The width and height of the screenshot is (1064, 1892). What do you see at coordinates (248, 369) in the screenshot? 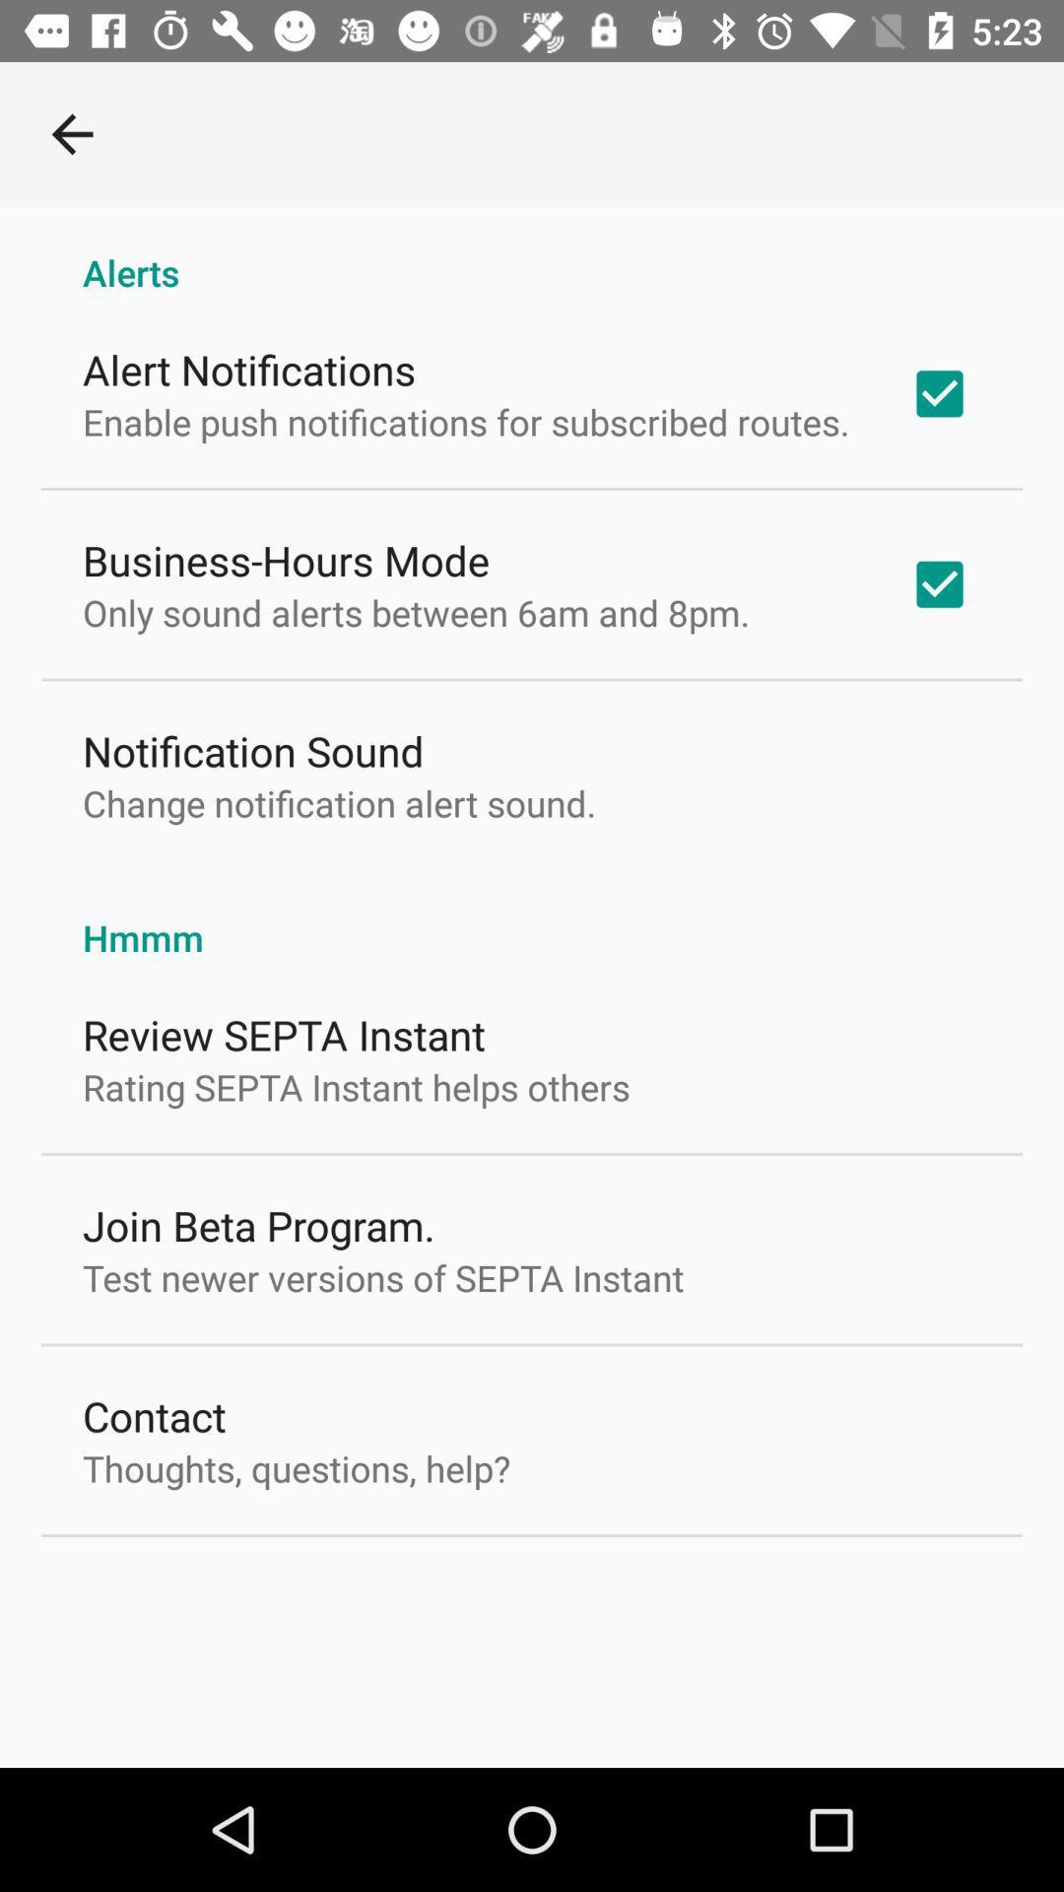
I see `the icon below alerts item` at bounding box center [248, 369].